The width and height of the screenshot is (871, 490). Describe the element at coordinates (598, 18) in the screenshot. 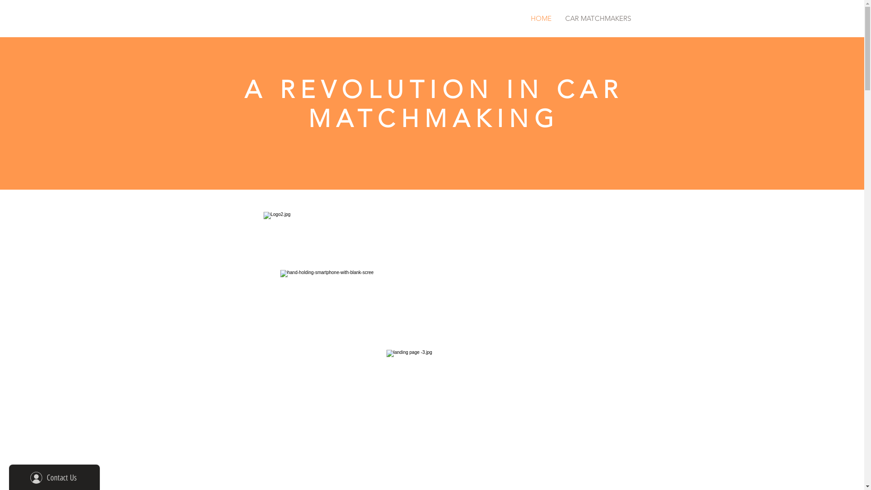

I see `'CAR MATCHMAKERS'` at that location.